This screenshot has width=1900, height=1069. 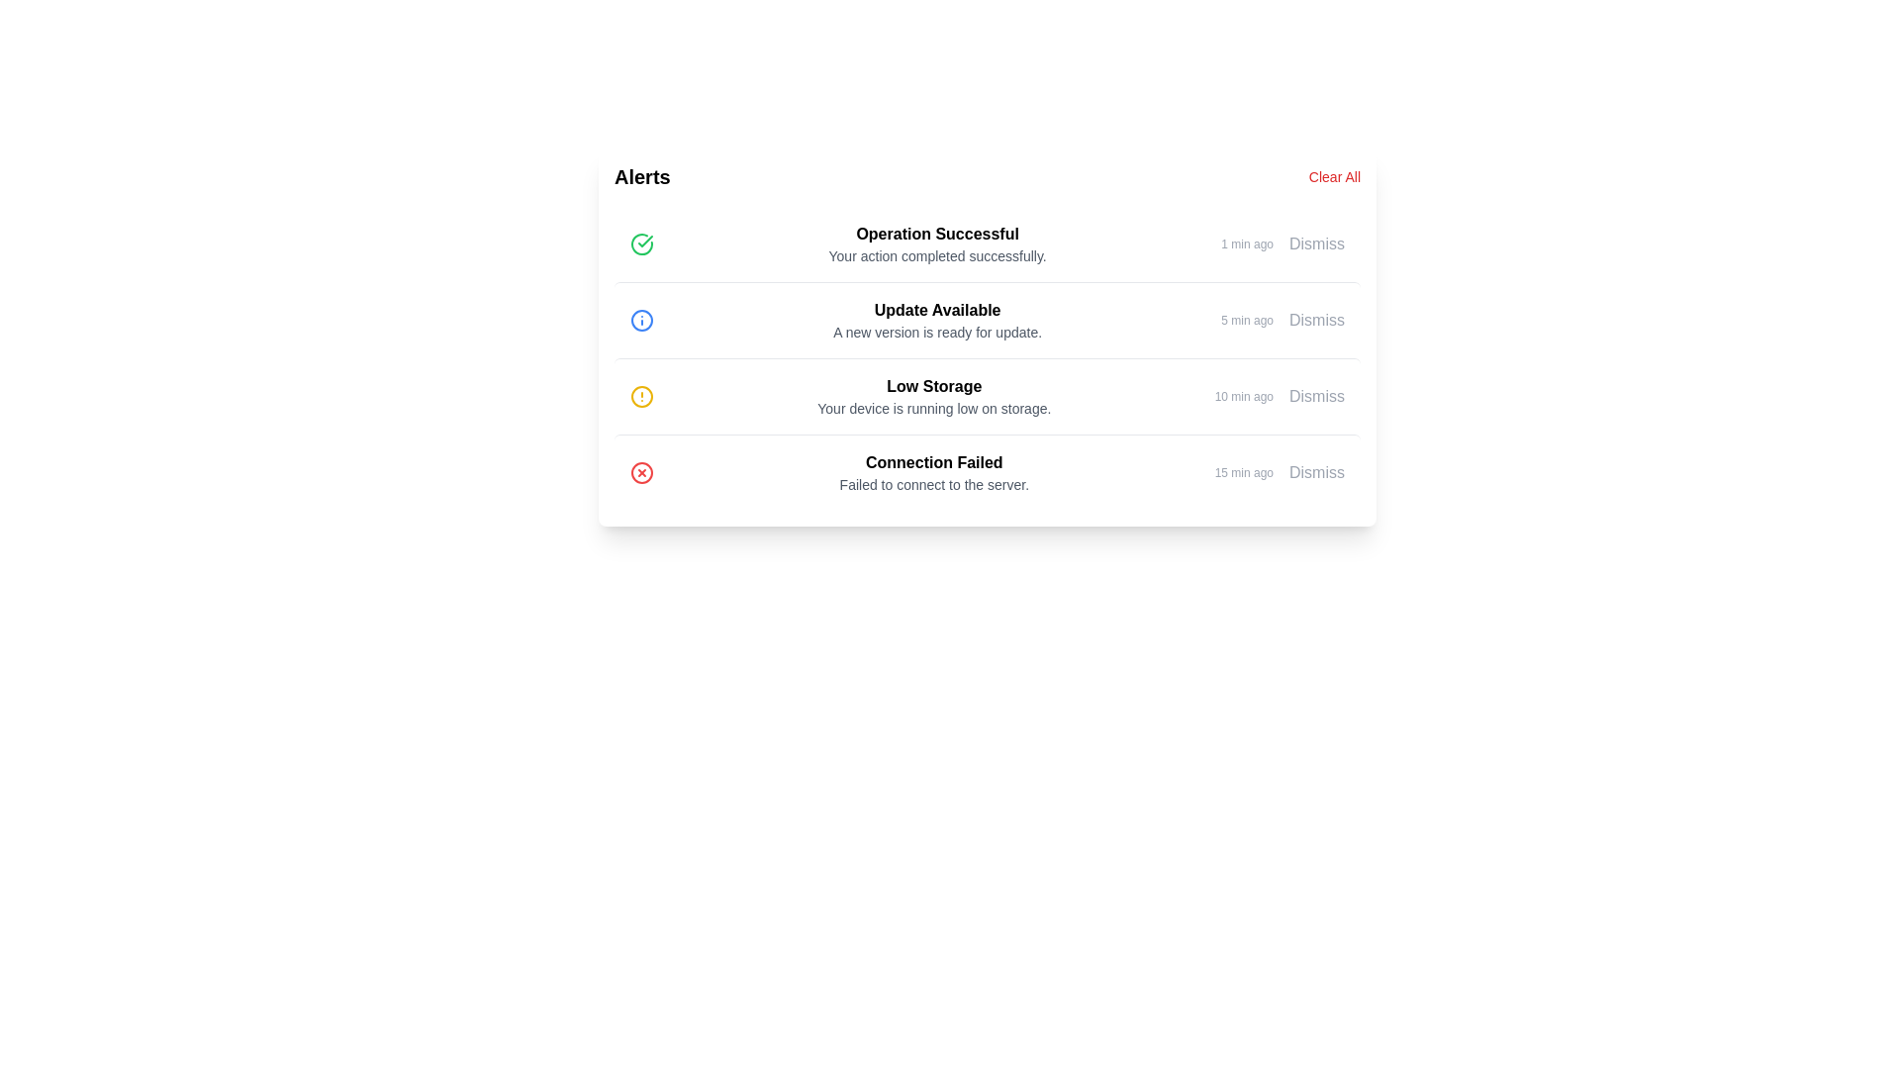 I want to click on the circular shape that is part of the visual alert icon for 'Low Storage' warning, so click(x=641, y=397).